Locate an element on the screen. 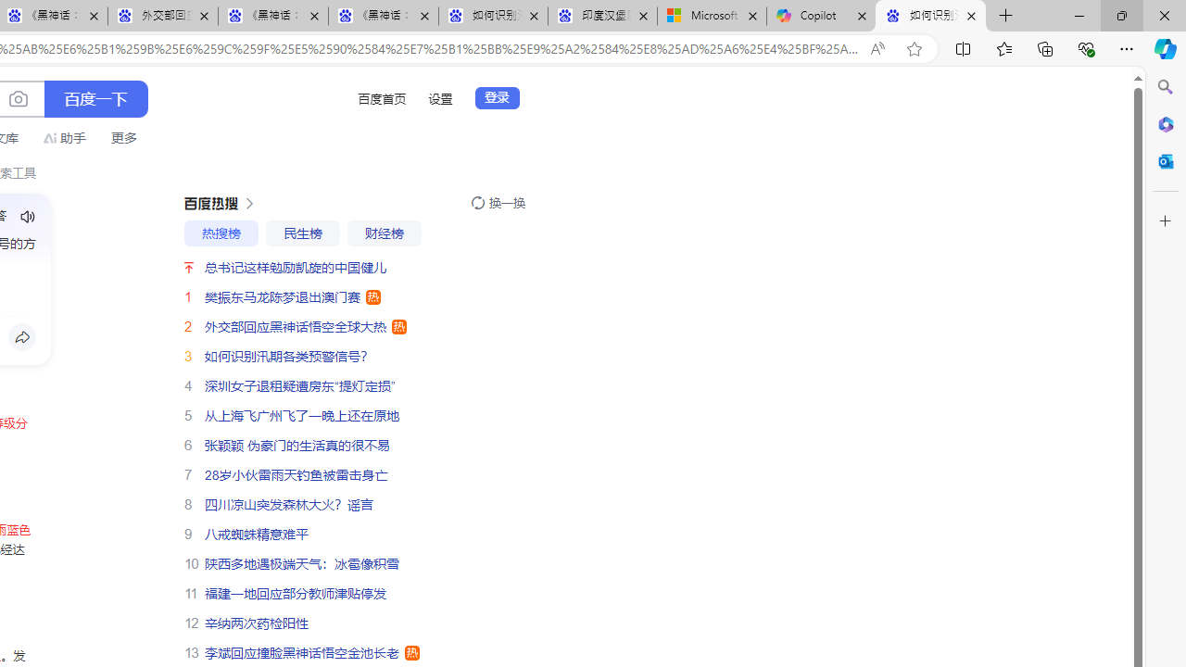  'Search' is located at coordinates (1165, 87).